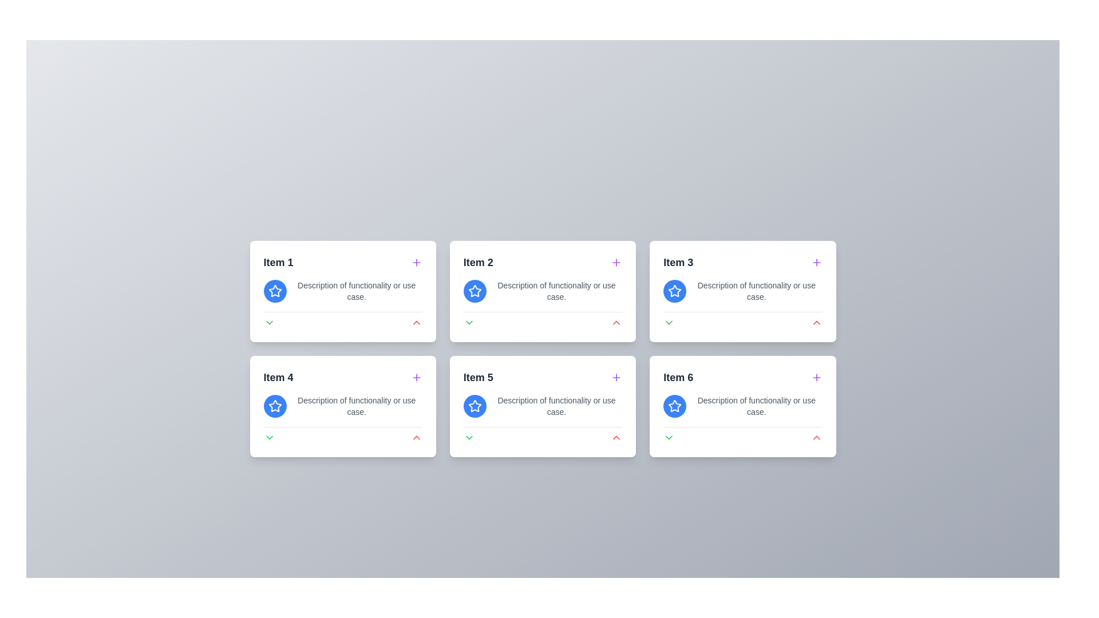 The height and width of the screenshot is (618, 1099). I want to click on the informational text label located under the star icon within the 'Item 6' card, so click(756, 405).